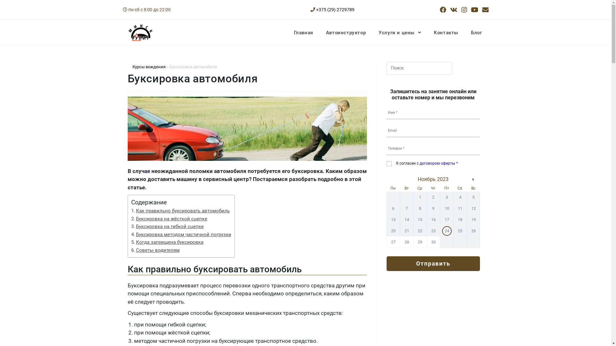 This screenshot has width=616, height=346. Describe the element at coordinates (334, 10) in the screenshot. I see `'+375 (29) 2729789'` at that location.